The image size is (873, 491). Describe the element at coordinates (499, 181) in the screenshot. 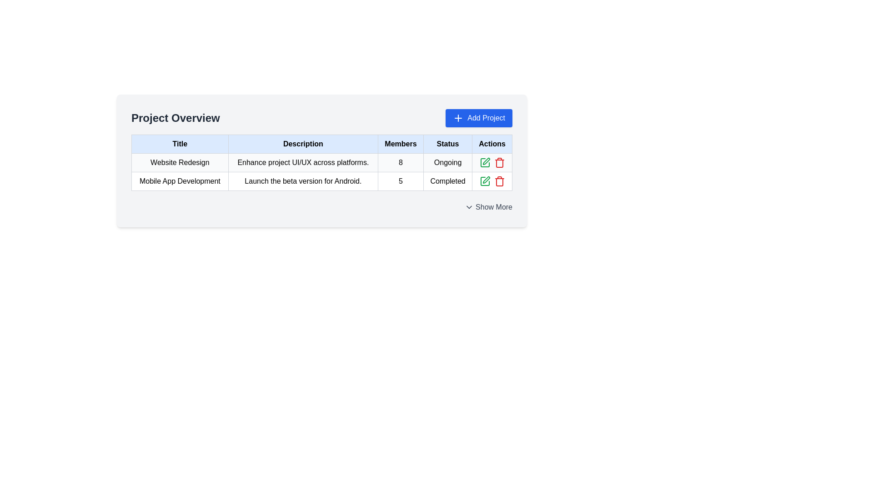

I see `the red trash icon in the 'Actions' column of the second row` at that location.